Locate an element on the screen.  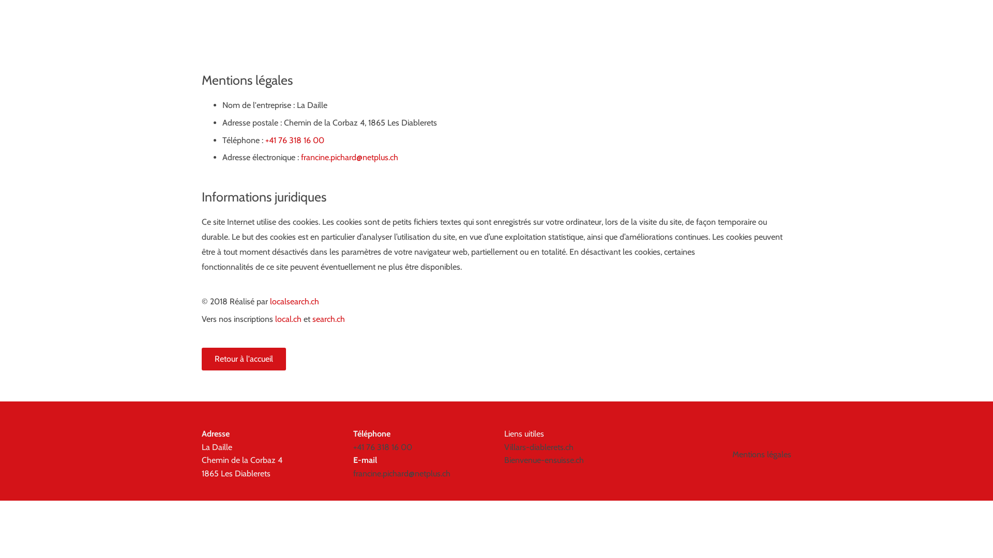
'+41 76 318 16 00' is located at coordinates (382, 446).